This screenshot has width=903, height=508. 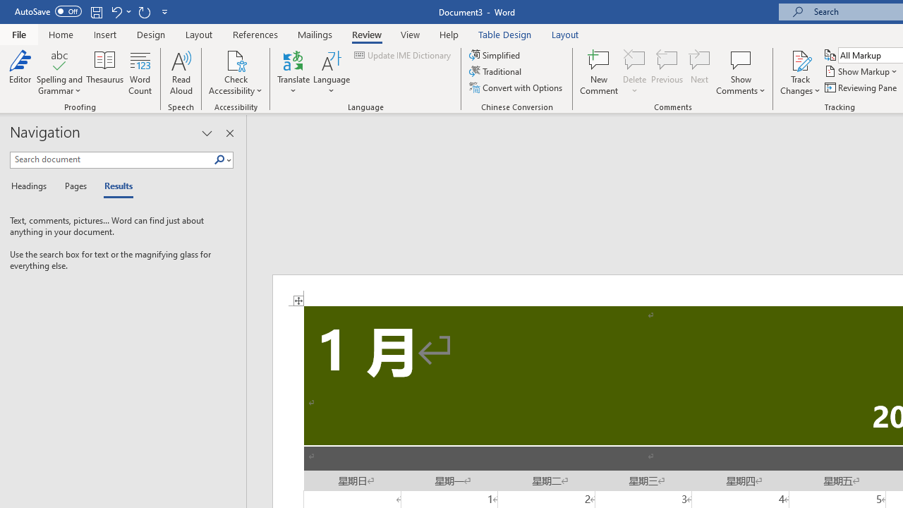 I want to click on 'Update IME Dictionary...', so click(x=403, y=54).